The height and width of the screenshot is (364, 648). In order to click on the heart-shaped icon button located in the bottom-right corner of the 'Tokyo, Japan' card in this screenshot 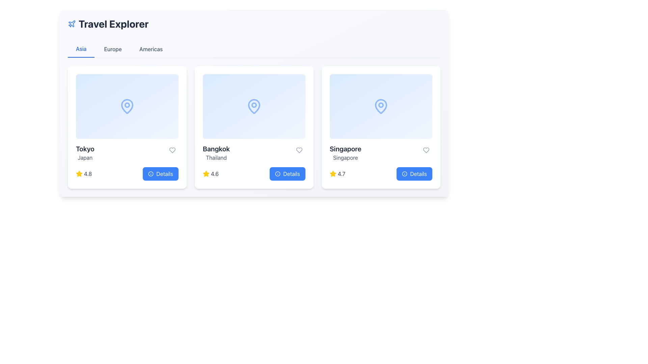, I will do `click(172, 150)`.